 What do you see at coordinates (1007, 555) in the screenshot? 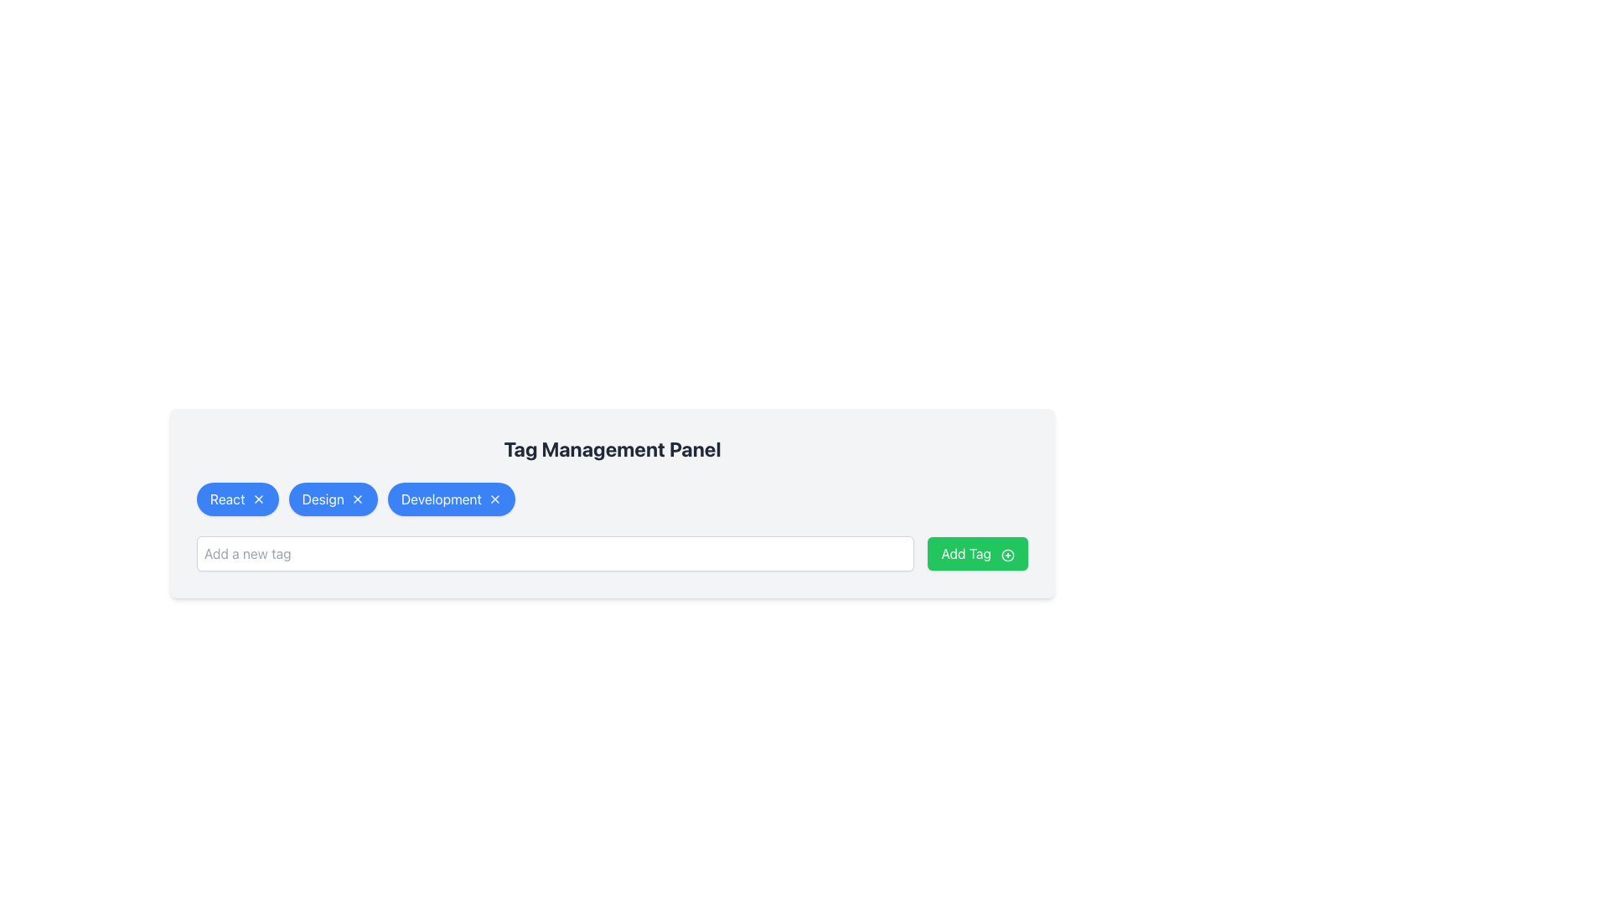
I see `the small circular icon with a plus sign (+) located within the 'Add Tag' button that has a green background, positioned to the right of the 'Add Tag' text` at bounding box center [1007, 555].